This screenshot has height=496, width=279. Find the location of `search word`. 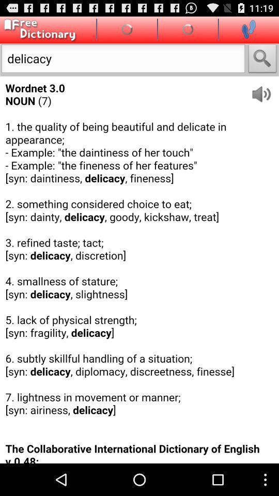

search word is located at coordinates (262, 59).